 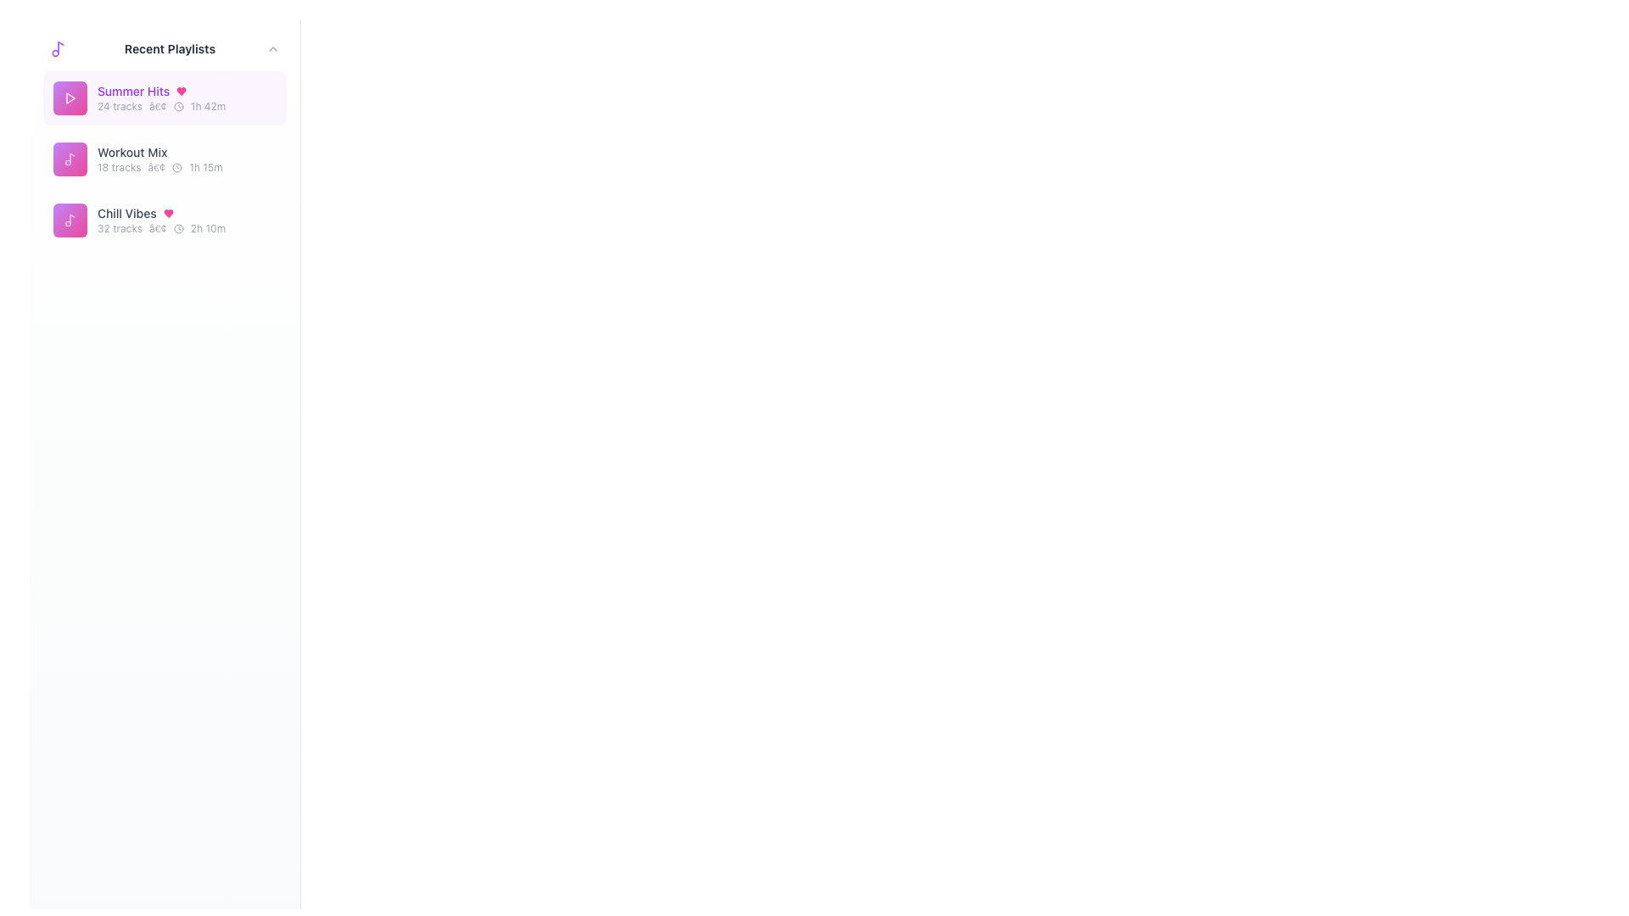 I want to click on on the 'Chill Vibes' playlist card, which is the third item in the 'Recent Playlists' section, featuring a gradient music note icon and a pink heart beside the title, so click(x=165, y=219).